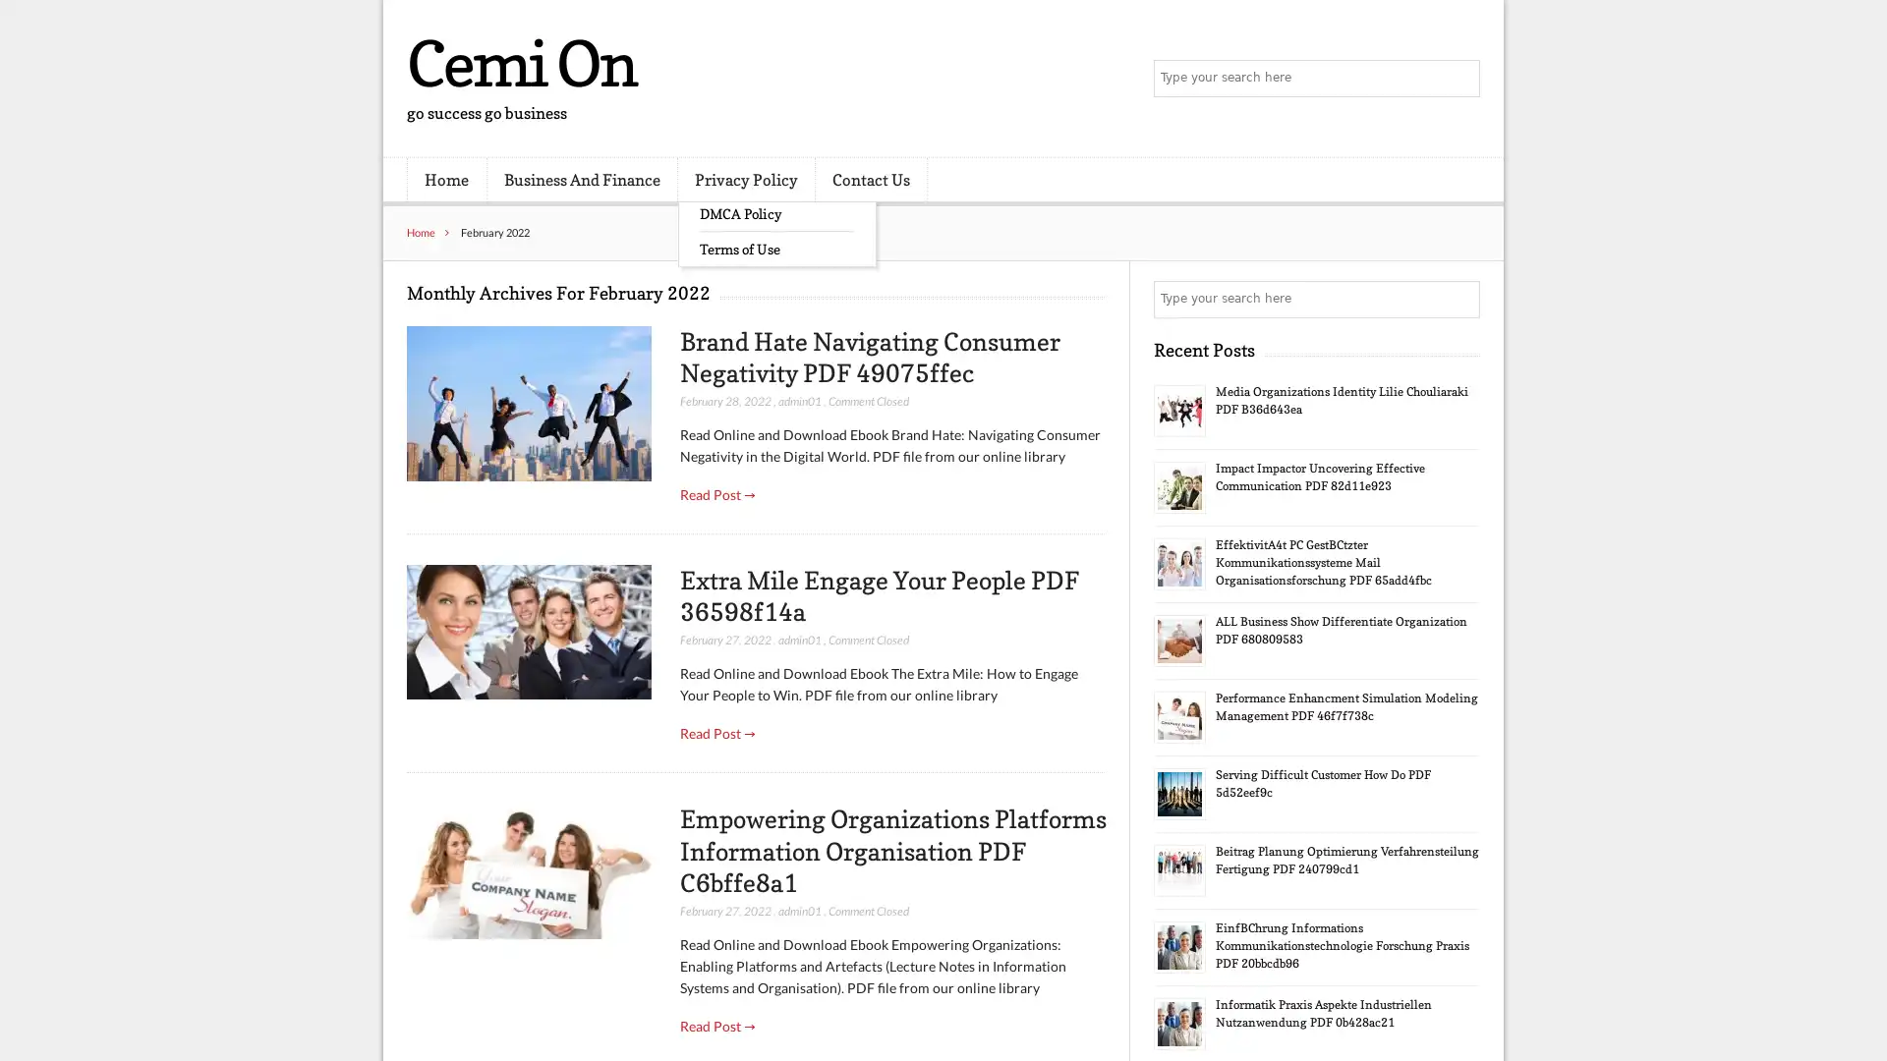  Describe the element at coordinates (1459, 299) in the screenshot. I see `Search` at that location.